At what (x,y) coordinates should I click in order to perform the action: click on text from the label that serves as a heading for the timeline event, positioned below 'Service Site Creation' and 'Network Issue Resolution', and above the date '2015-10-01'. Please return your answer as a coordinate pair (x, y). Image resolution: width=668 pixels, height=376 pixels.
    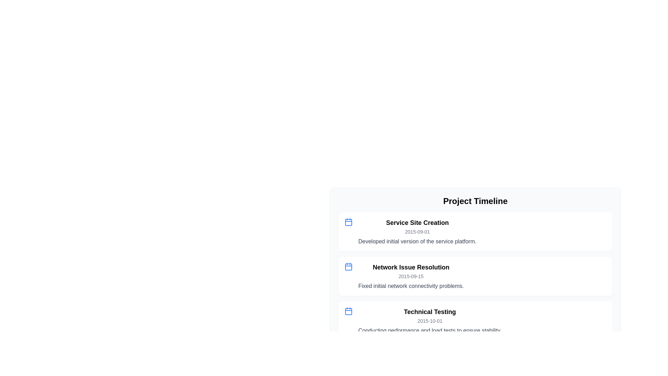
    Looking at the image, I should click on (429, 311).